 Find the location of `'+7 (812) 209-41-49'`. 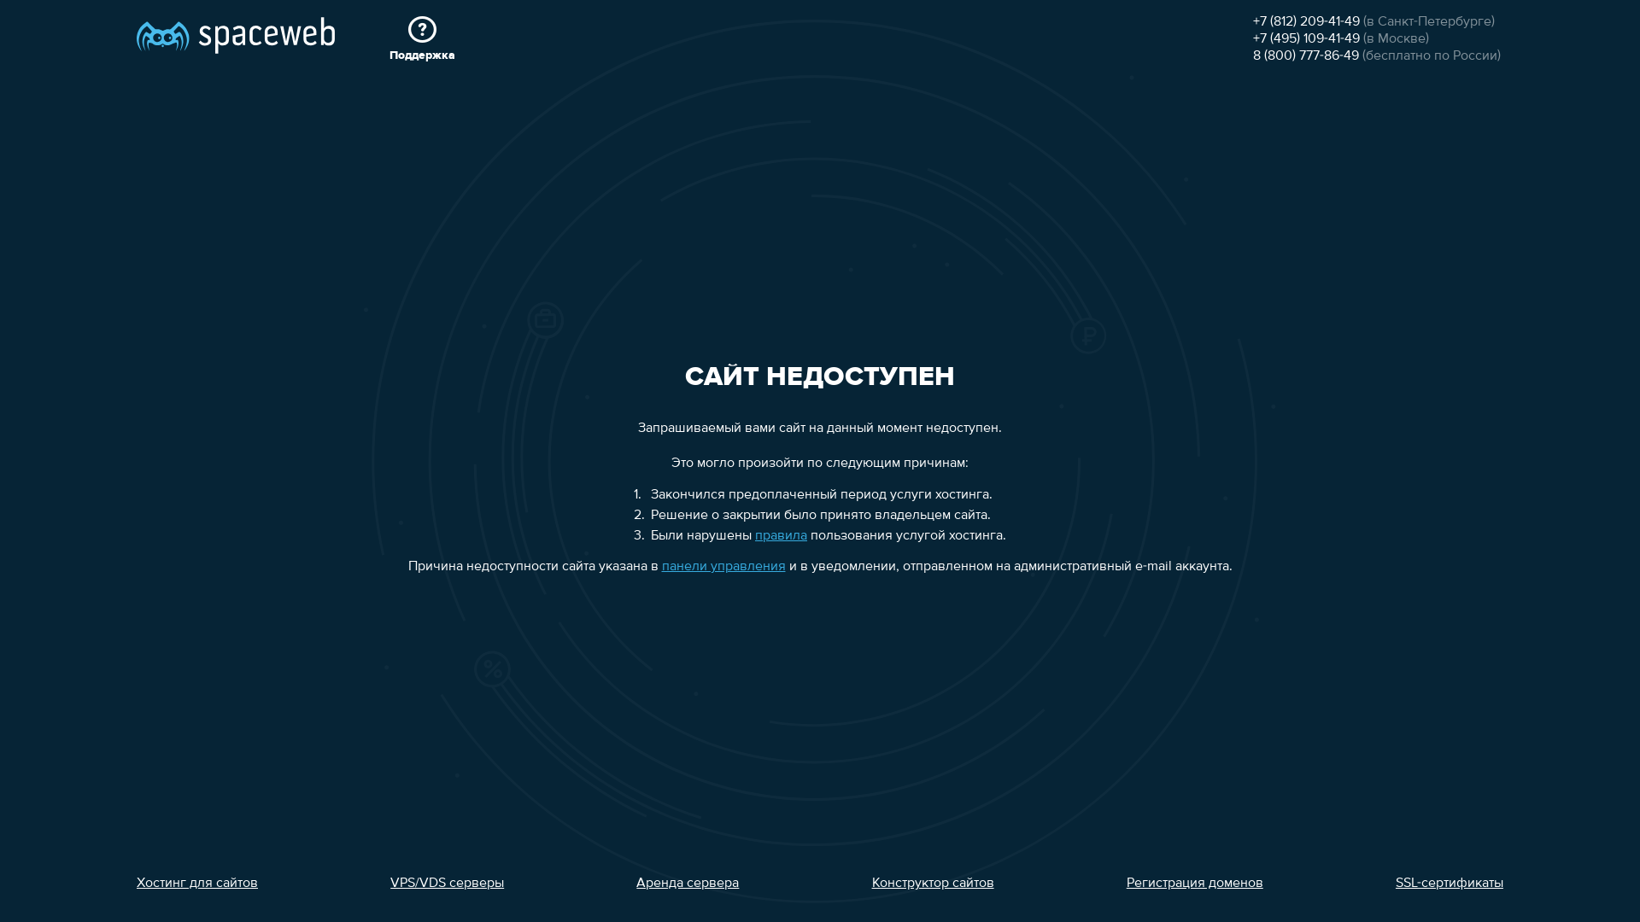

'+7 (812) 209-41-49' is located at coordinates (1253, 22).